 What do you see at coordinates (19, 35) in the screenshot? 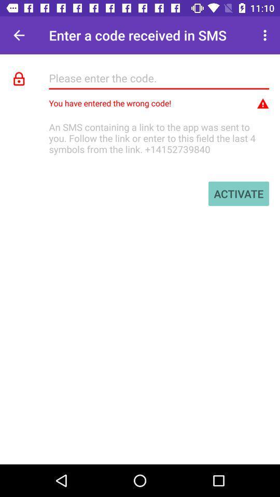
I see `the item next to the enter a code item` at bounding box center [19, 35].